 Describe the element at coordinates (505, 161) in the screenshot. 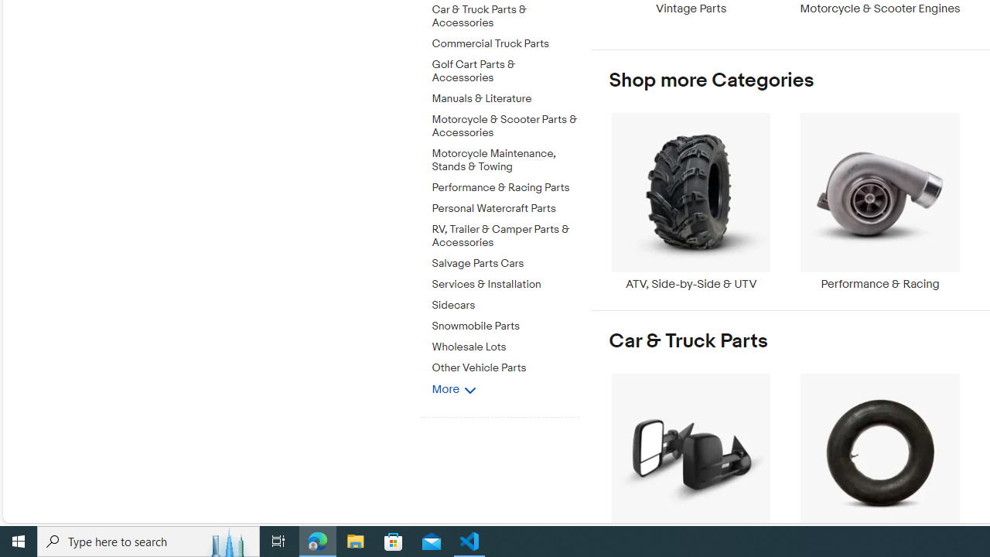

I see `'Motorcycle Maintenance, Stands & Towing'` at that location.